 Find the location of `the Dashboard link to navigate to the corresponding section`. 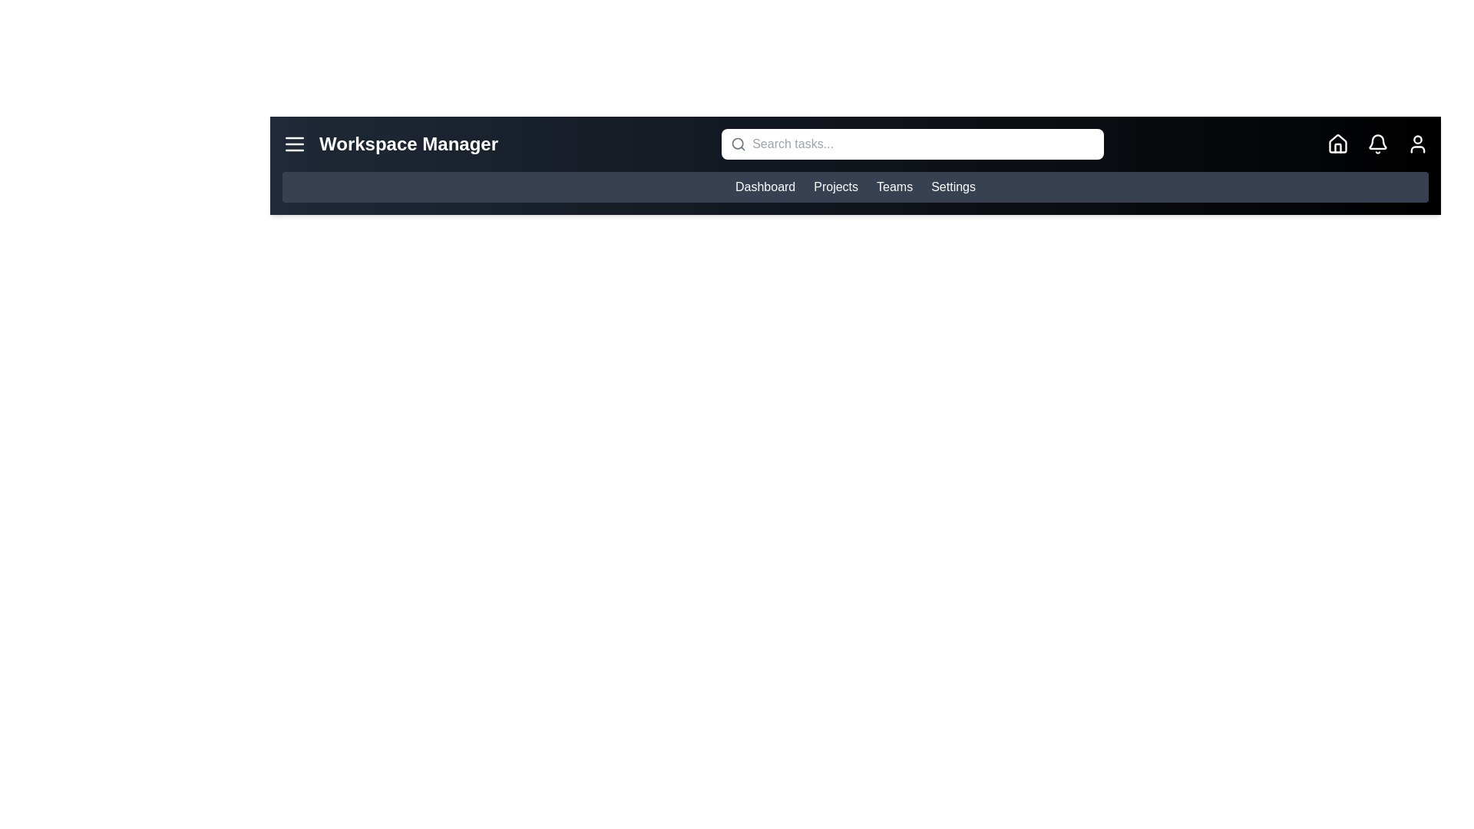

the Dashboard link to navigate to the corresponding section is located at coordinates (765, 186).